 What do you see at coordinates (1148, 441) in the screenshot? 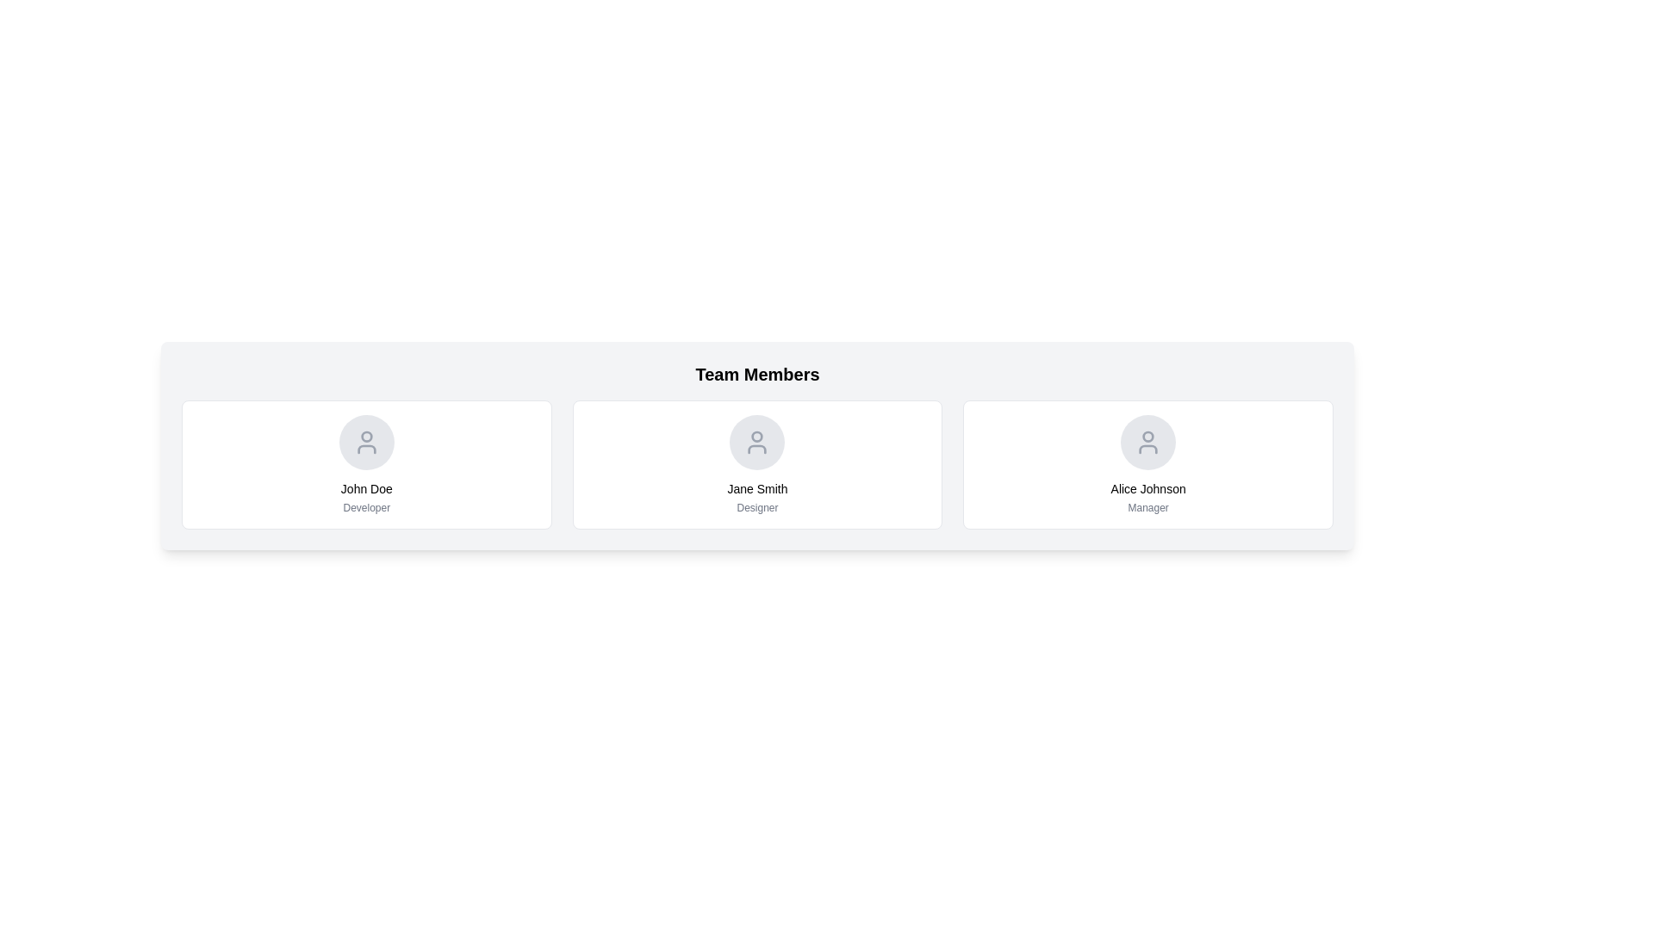
I see `the user icon, which is an outlined silhouette of a person in gray, located in the icon area of Alice Johnson's team member card` at bounding box center [1148, 441].